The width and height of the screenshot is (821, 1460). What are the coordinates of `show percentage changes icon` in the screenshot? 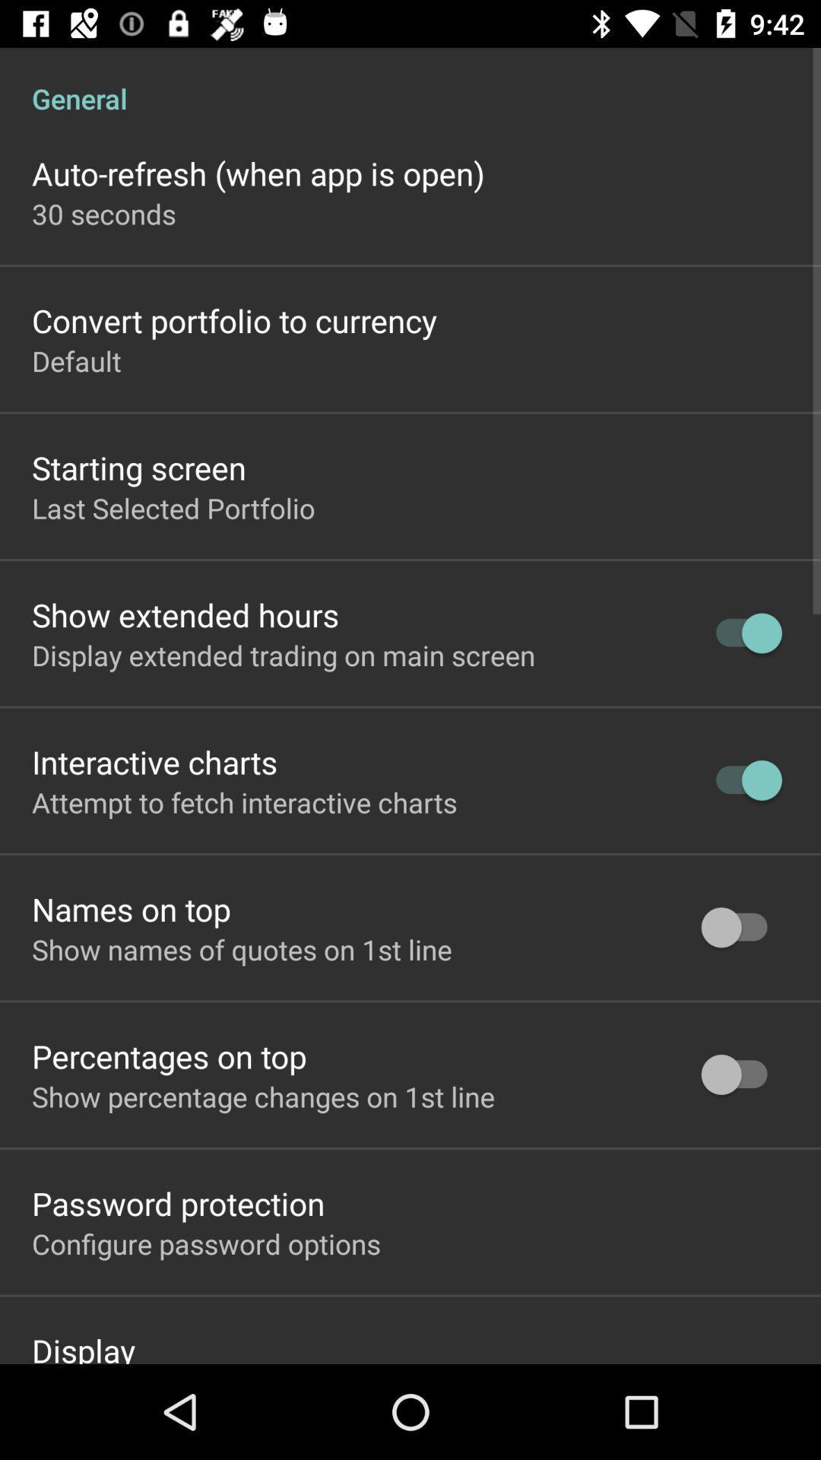 It's located at (262, 1097).